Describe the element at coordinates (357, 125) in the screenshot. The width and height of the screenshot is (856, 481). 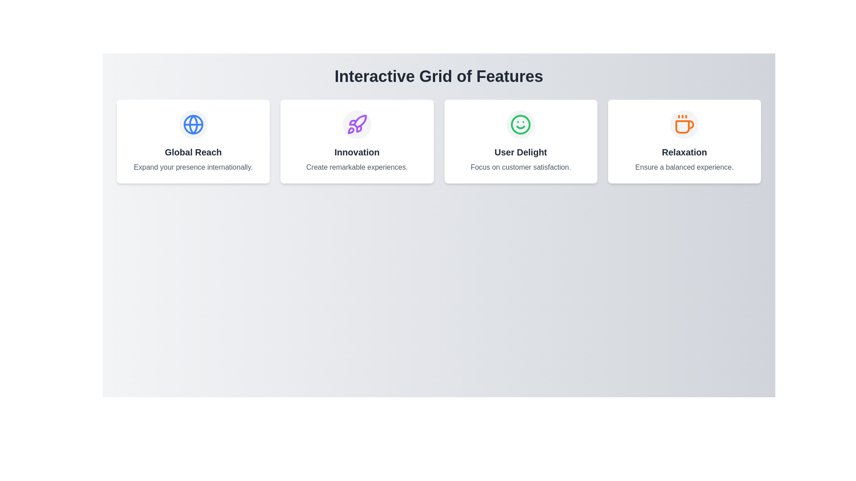
I see `the purple rocket icon representing innovation, which is centered within a circular gray background in the second card of the top row for navigation or detailed view` at that location.